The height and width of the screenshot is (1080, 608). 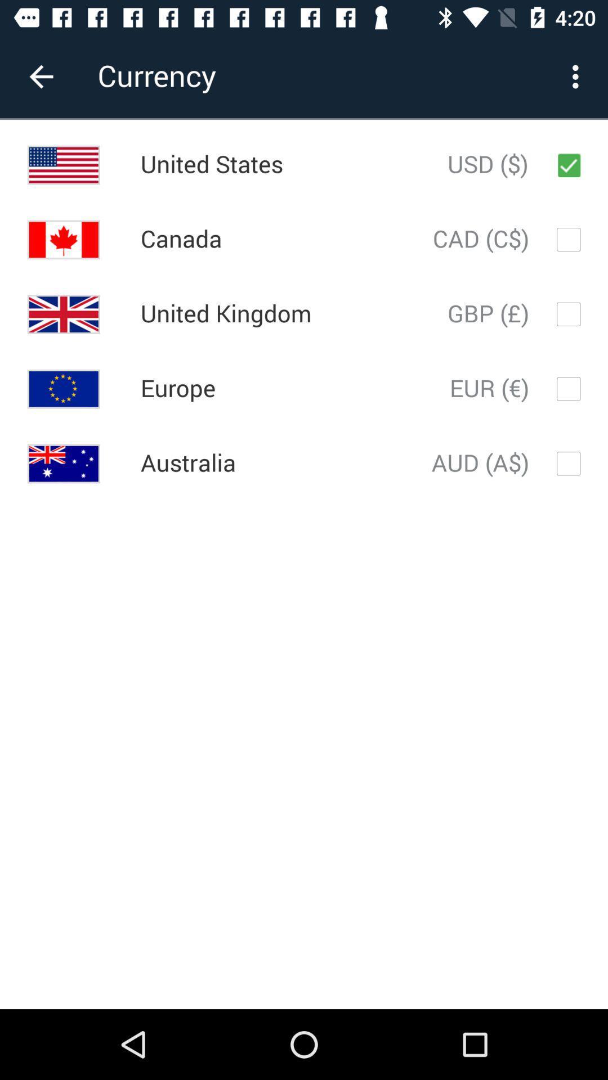 What do you see at coordinates (41, 76) in the screenshot?
I see `the item to the left of currency item` at bounding box center [41, 76].